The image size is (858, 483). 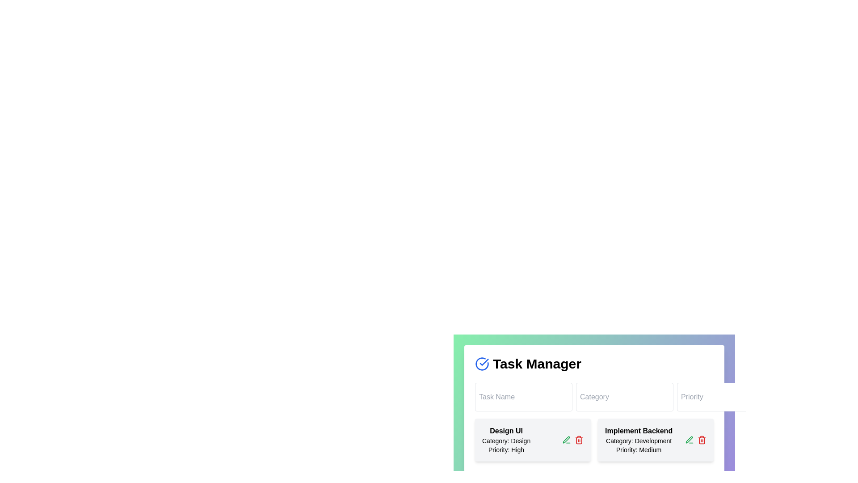 What do you see at coordinates (638, 450) in the screenshot?
I see `the 'Medium' priority text label located at the bottom of the 'Implement Backend' task card` at bounding box center [638, 450].